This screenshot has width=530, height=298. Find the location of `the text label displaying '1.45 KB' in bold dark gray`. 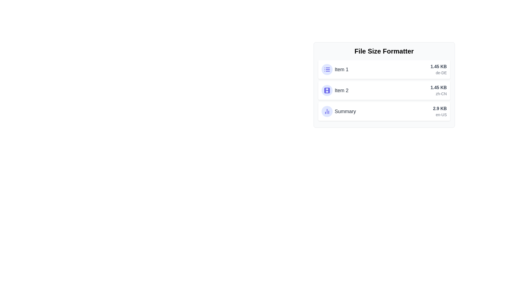

the text label displaying '1.45 KB' in bold dark gray is located at coordinates (438, 87).